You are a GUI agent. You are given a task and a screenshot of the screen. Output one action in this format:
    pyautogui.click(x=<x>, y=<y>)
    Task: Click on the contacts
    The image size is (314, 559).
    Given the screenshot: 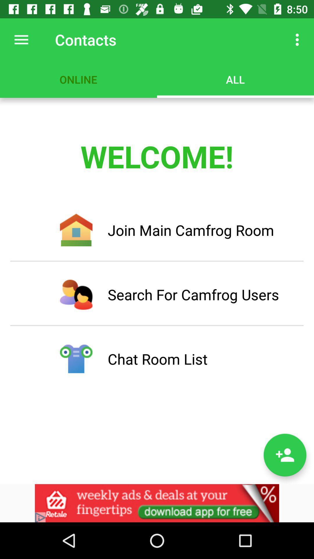 What is the action you would take?
    pyautogui.click(x=285, y=455)
    